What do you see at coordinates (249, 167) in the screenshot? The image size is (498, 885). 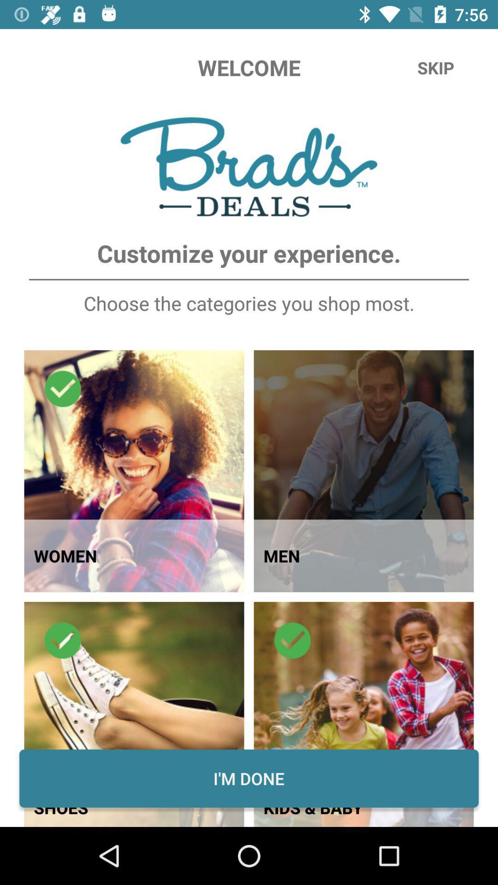 I see `the logo which is below the welcome` at bounding box center [249, 167].